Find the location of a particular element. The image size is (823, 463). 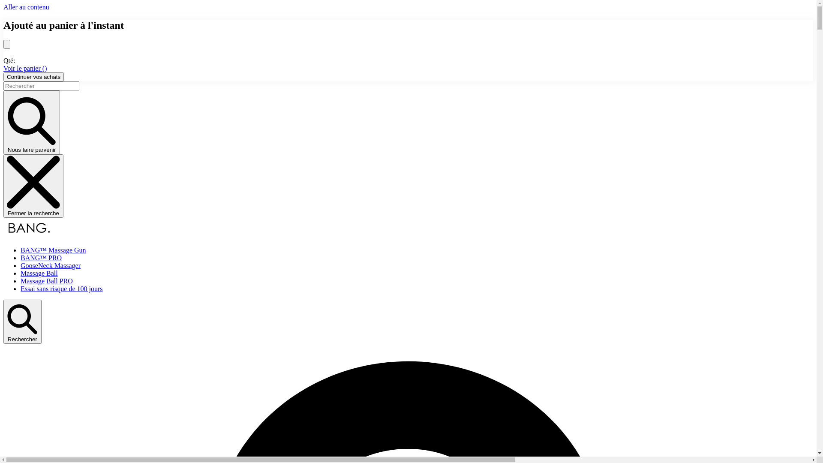

'Continuer vos achats' is located at coordinates (33, 76).